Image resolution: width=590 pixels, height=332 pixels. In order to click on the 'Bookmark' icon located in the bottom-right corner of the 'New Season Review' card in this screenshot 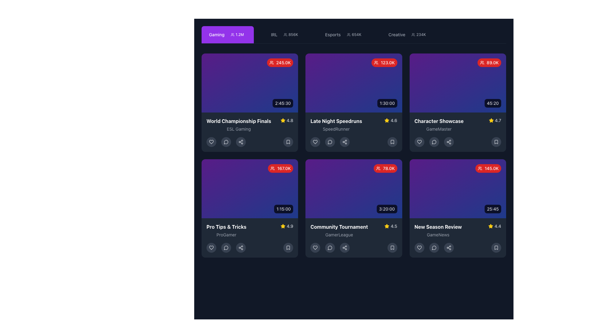, I will do `click(496, 247)`.